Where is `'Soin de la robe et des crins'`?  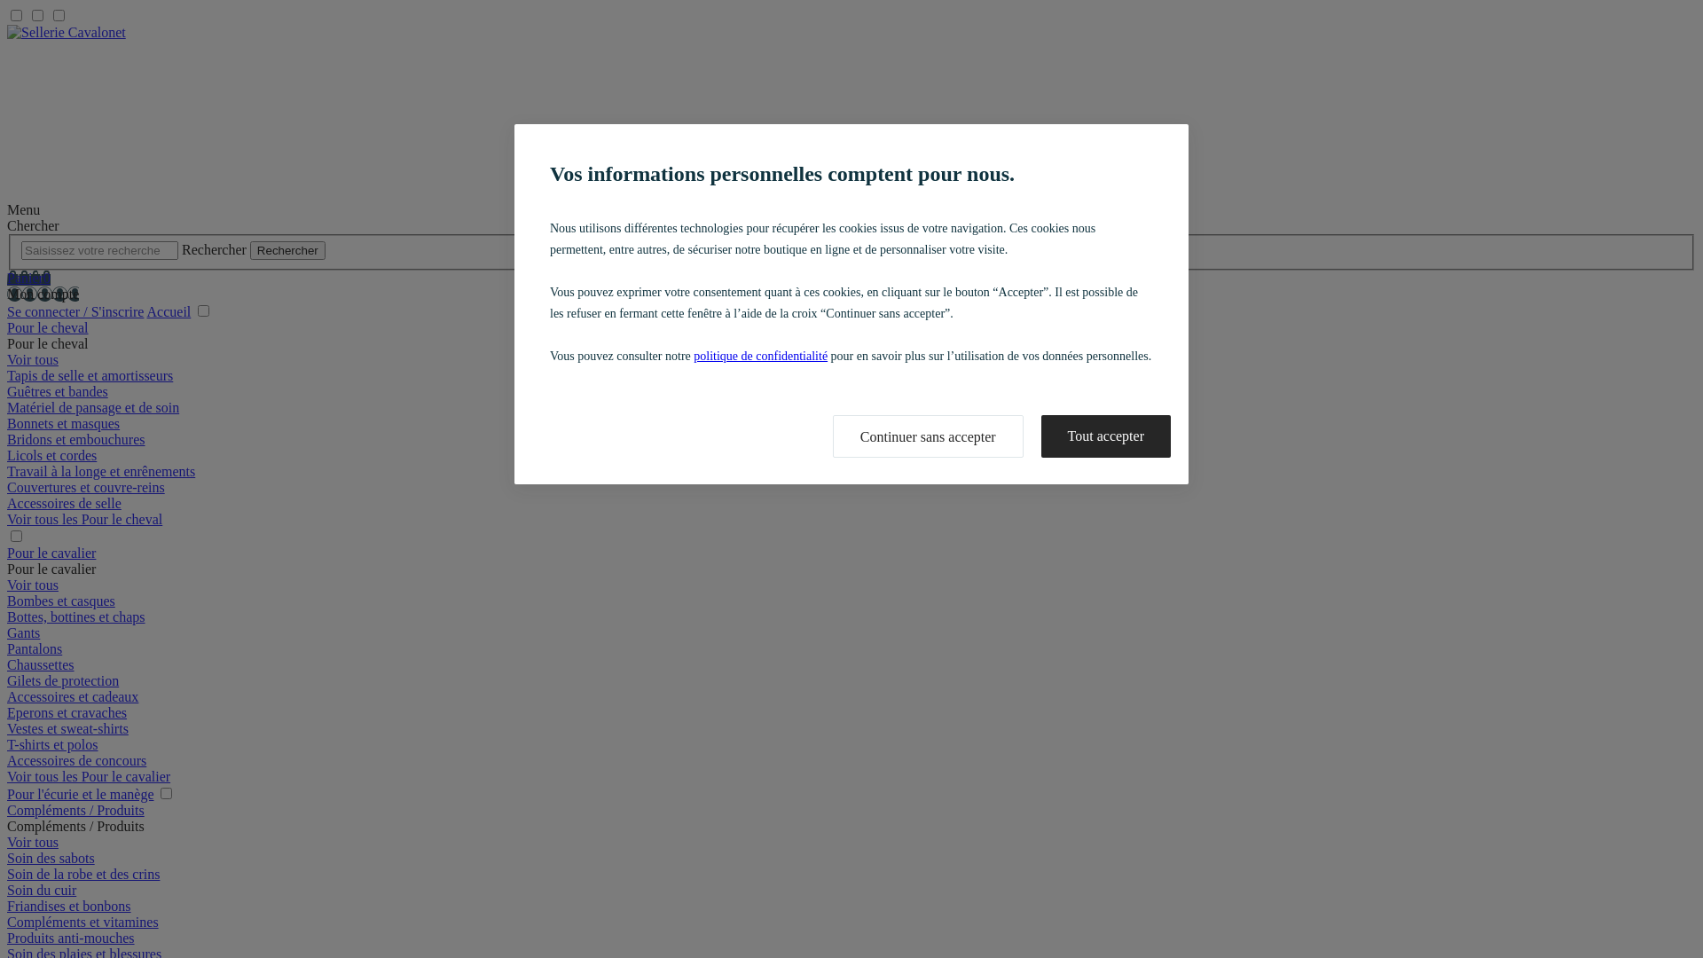
'Soin de la robe et des crins' is located at coordinates (7, 873).